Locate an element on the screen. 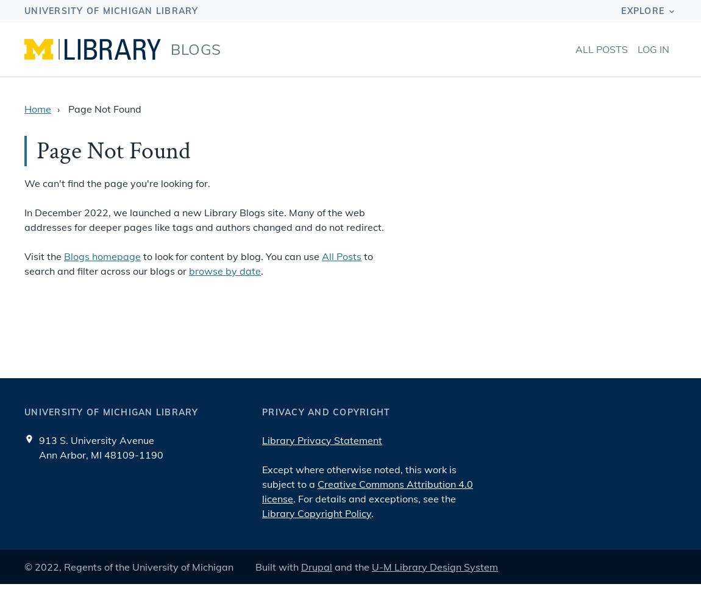 Image resolution: width=701 pixels, height=609 pixels. 'browse by date' is located at coordinates (225, 270).